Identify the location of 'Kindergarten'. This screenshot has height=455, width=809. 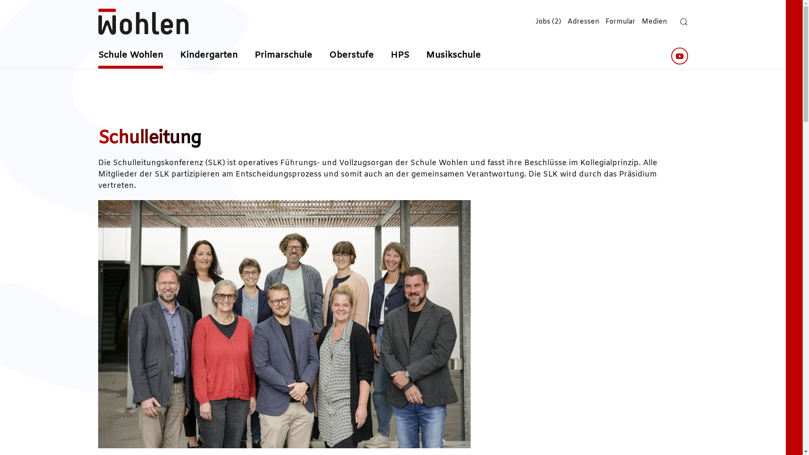
(208, 56).